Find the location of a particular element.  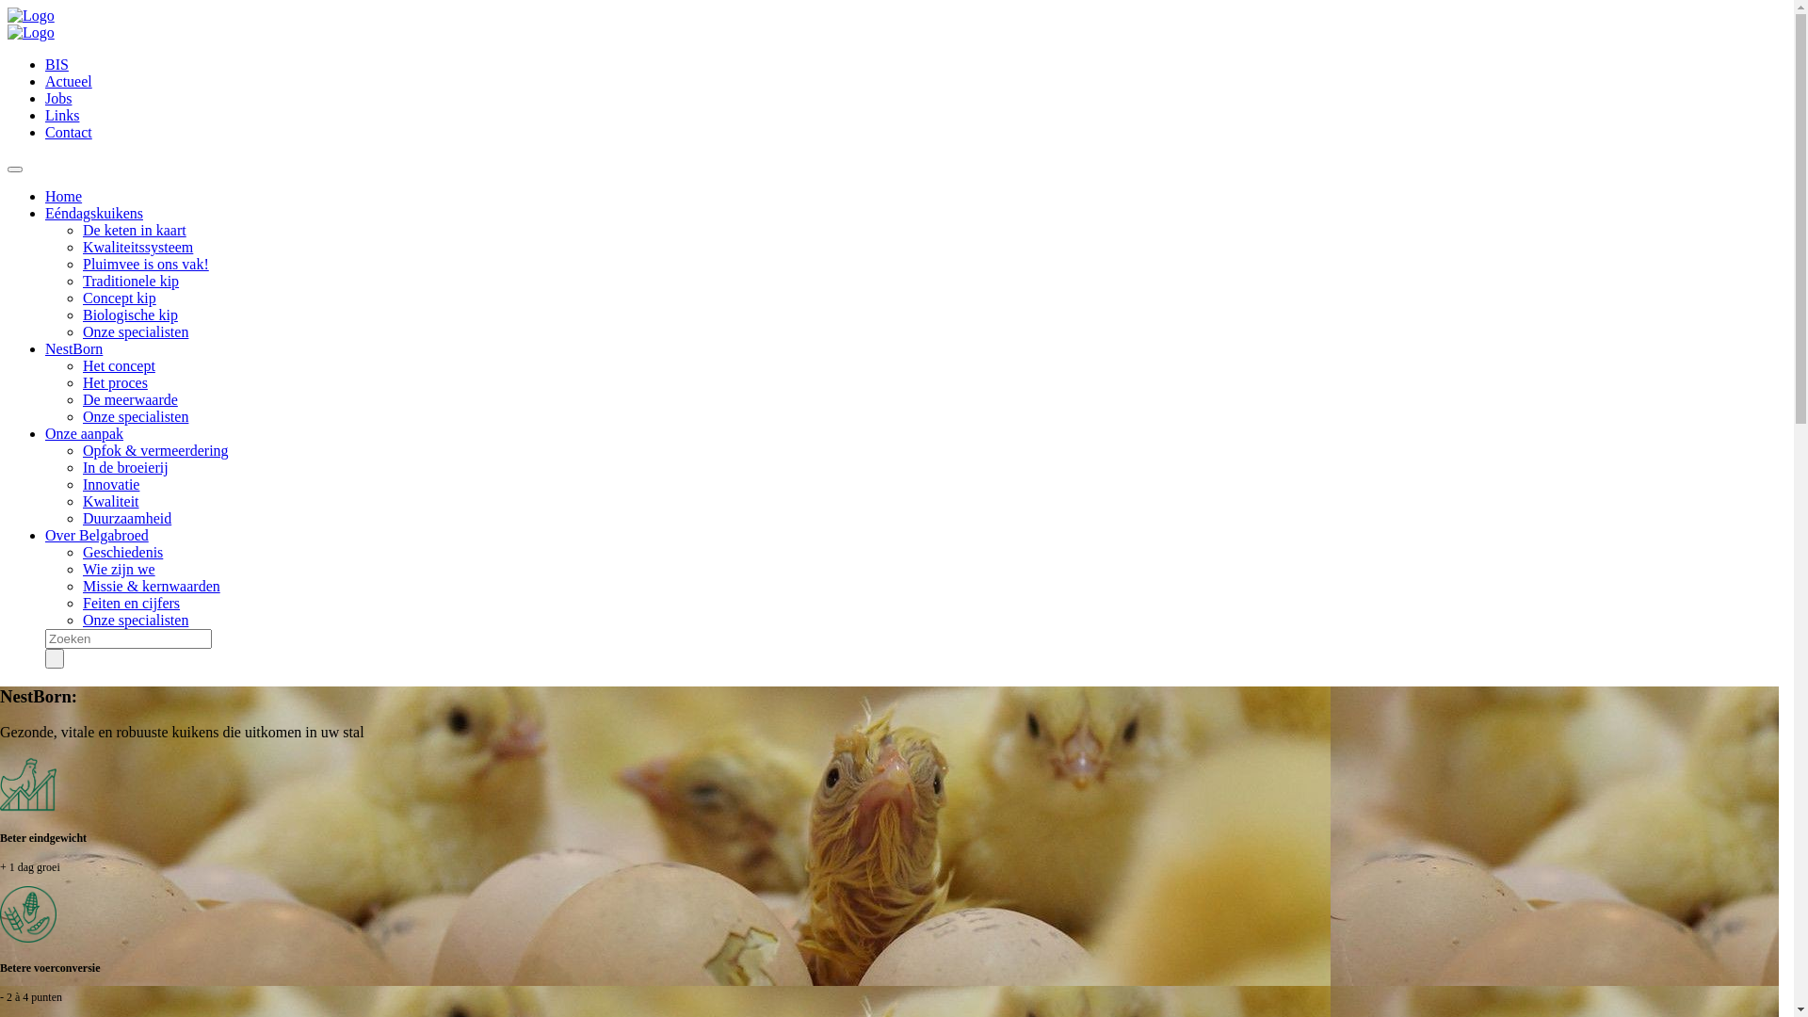

'NestBorn' is located at coordinates (73, 348).